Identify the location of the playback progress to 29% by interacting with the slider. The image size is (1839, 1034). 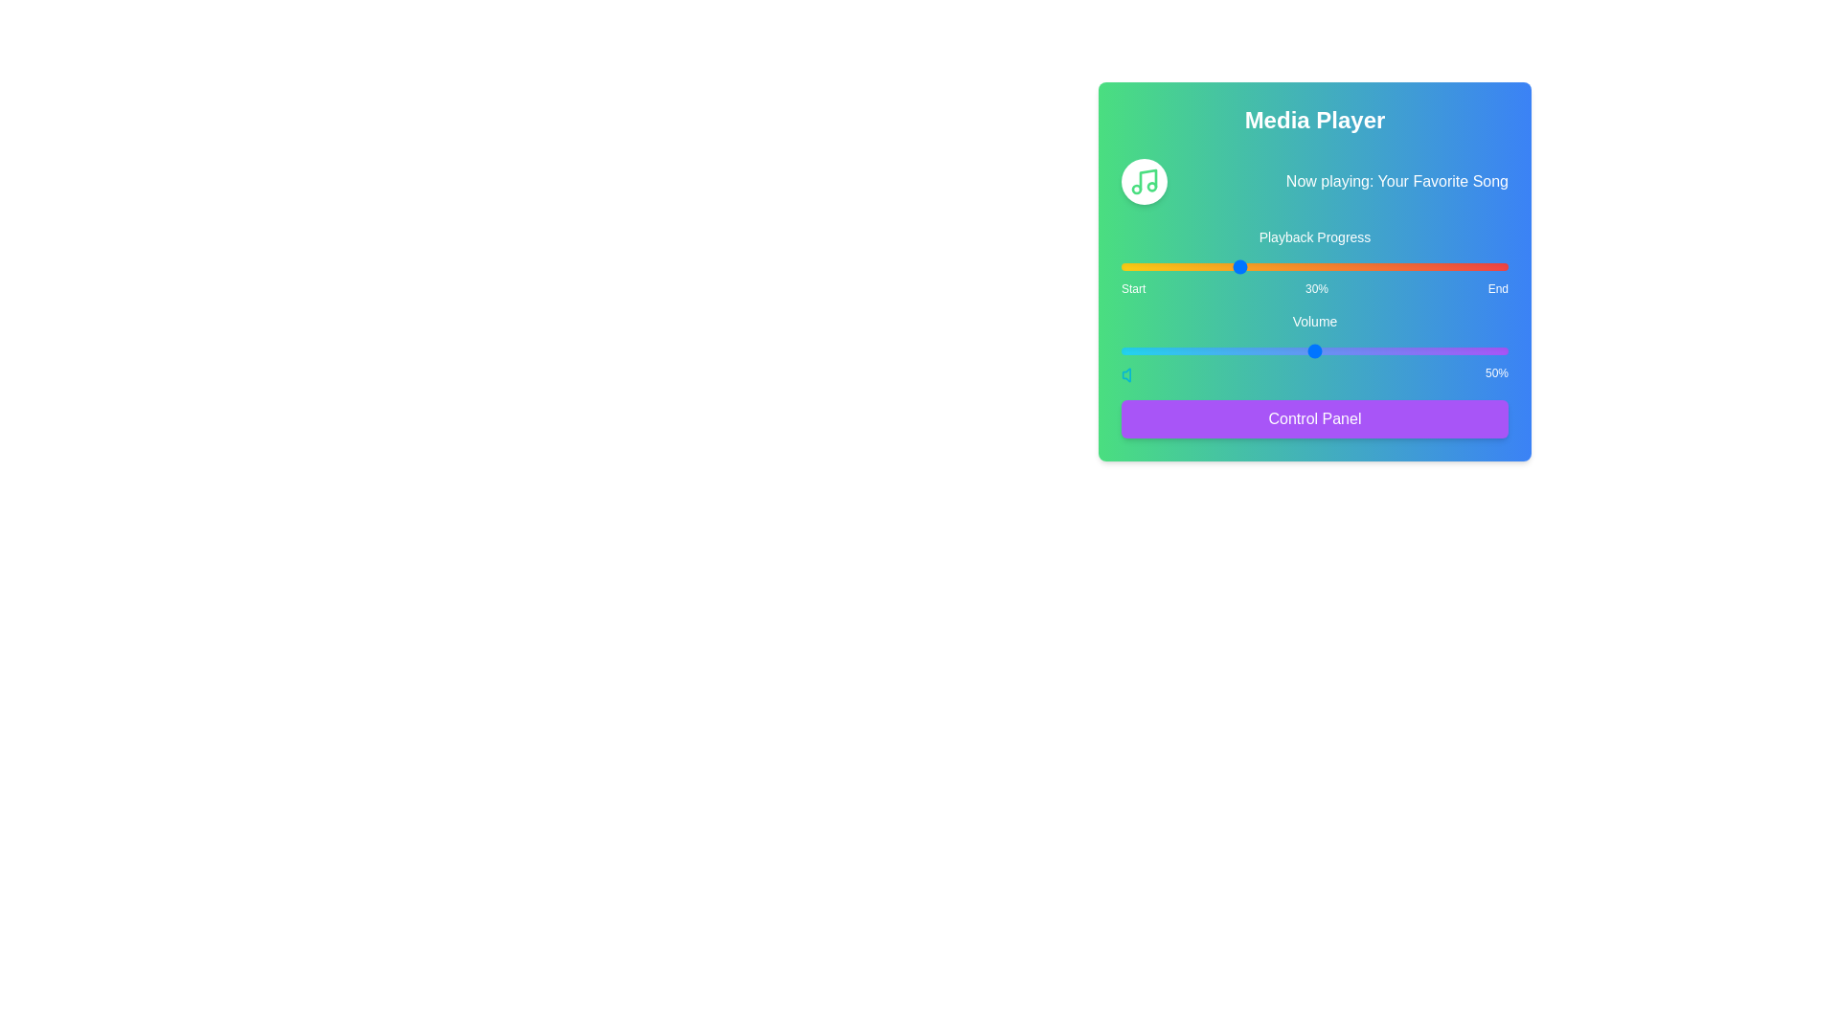
(1234, 266).